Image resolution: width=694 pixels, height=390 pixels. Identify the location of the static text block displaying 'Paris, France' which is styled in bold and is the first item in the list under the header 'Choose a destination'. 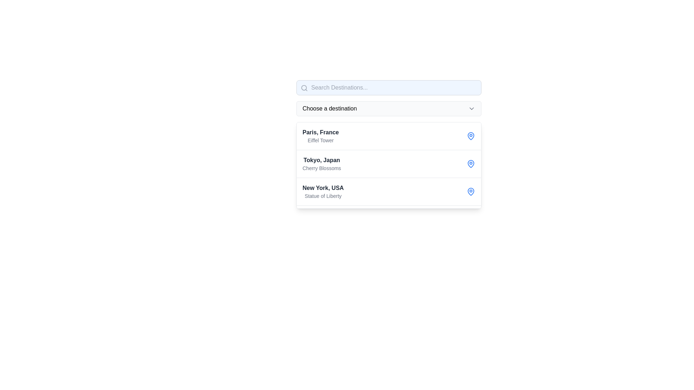
(320, 136).